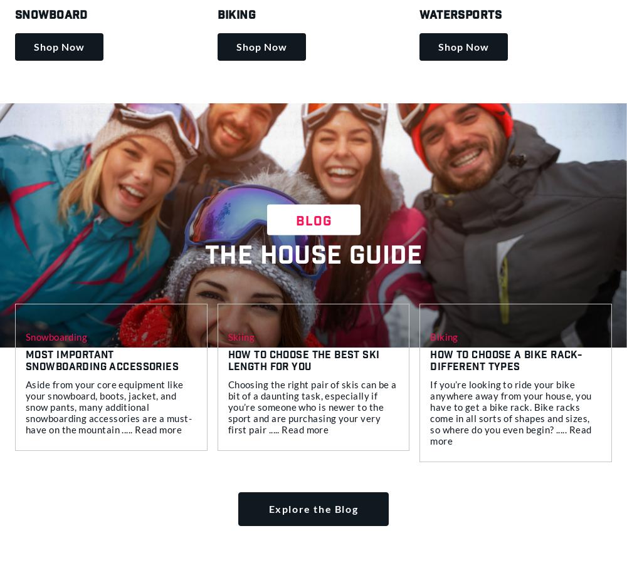 The width and height of the screenshot is (627, 568). Describe the element at coordinates (108, 406) in the screenshot. I see `'Aside from your core equipment like your snowboard, boots, jacket, and snow pants, many additional snowboarding accessories are a must-have on the mountain ..... Read more'` at that location.